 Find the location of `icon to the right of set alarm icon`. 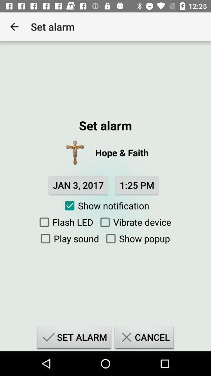

icon to the right of set alarm icon is located at coordinates (144, 338).